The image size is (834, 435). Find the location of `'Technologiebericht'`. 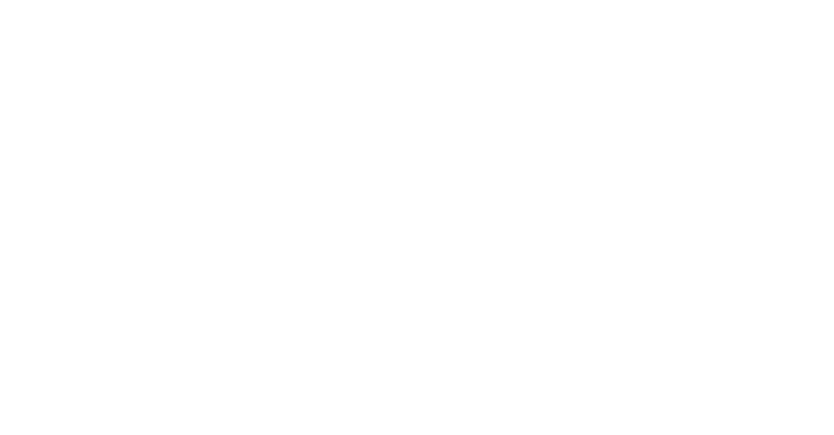

'Technologiebericht' is located at coordinates (51, 410).